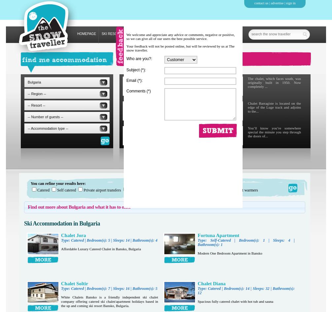 Image resolution: width=332 pixels, height=312 pixels. I want to click on 'Find out more about Bulgaria and what it has to offer', so click(28, 207).